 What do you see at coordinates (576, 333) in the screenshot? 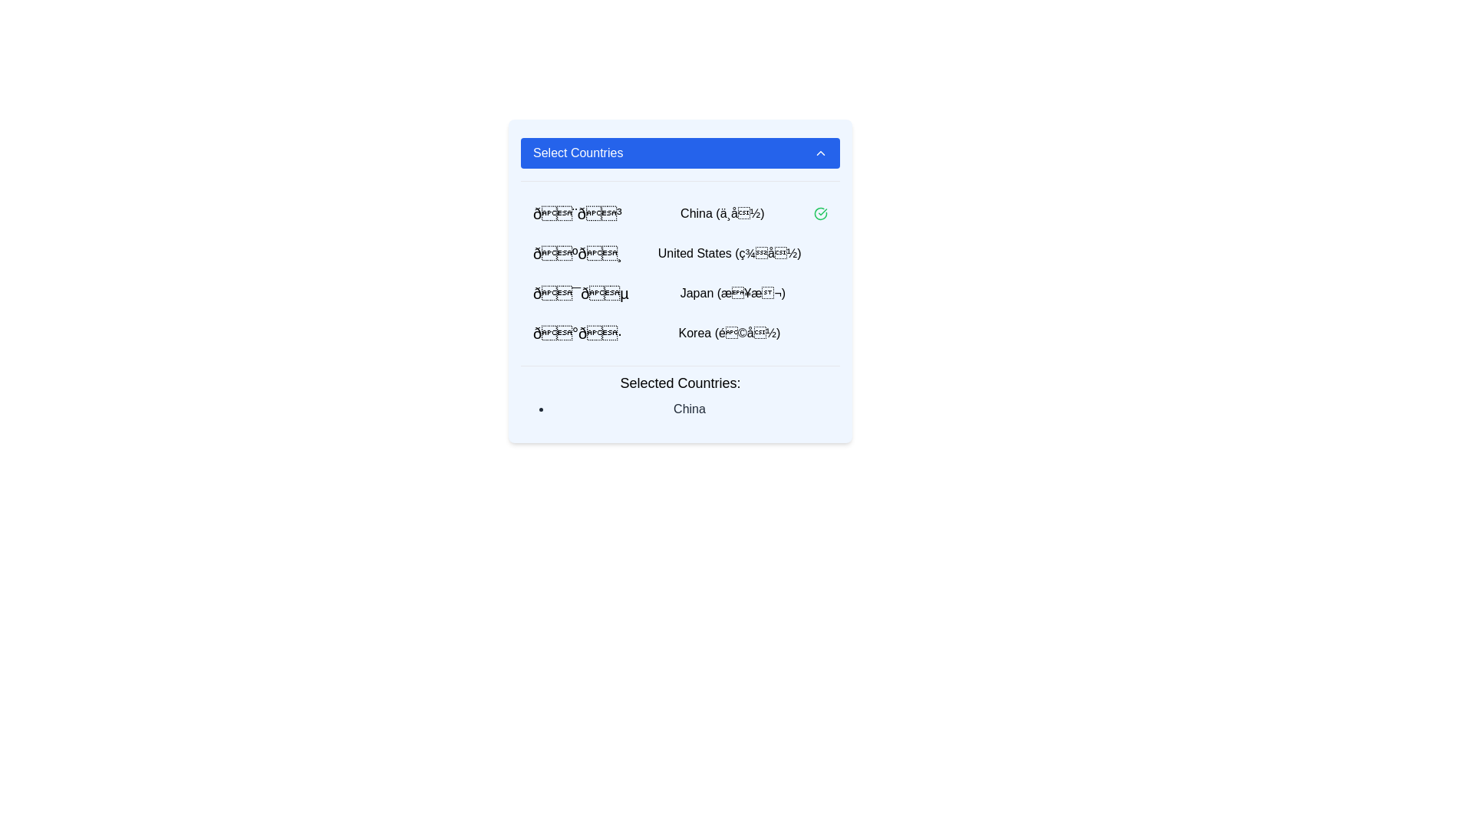
I see `the text label representing the flag of Korea, which is positioned in the top-right section of the dropdown menu item for 'Select Countries'` at bounding box center [576, 333].